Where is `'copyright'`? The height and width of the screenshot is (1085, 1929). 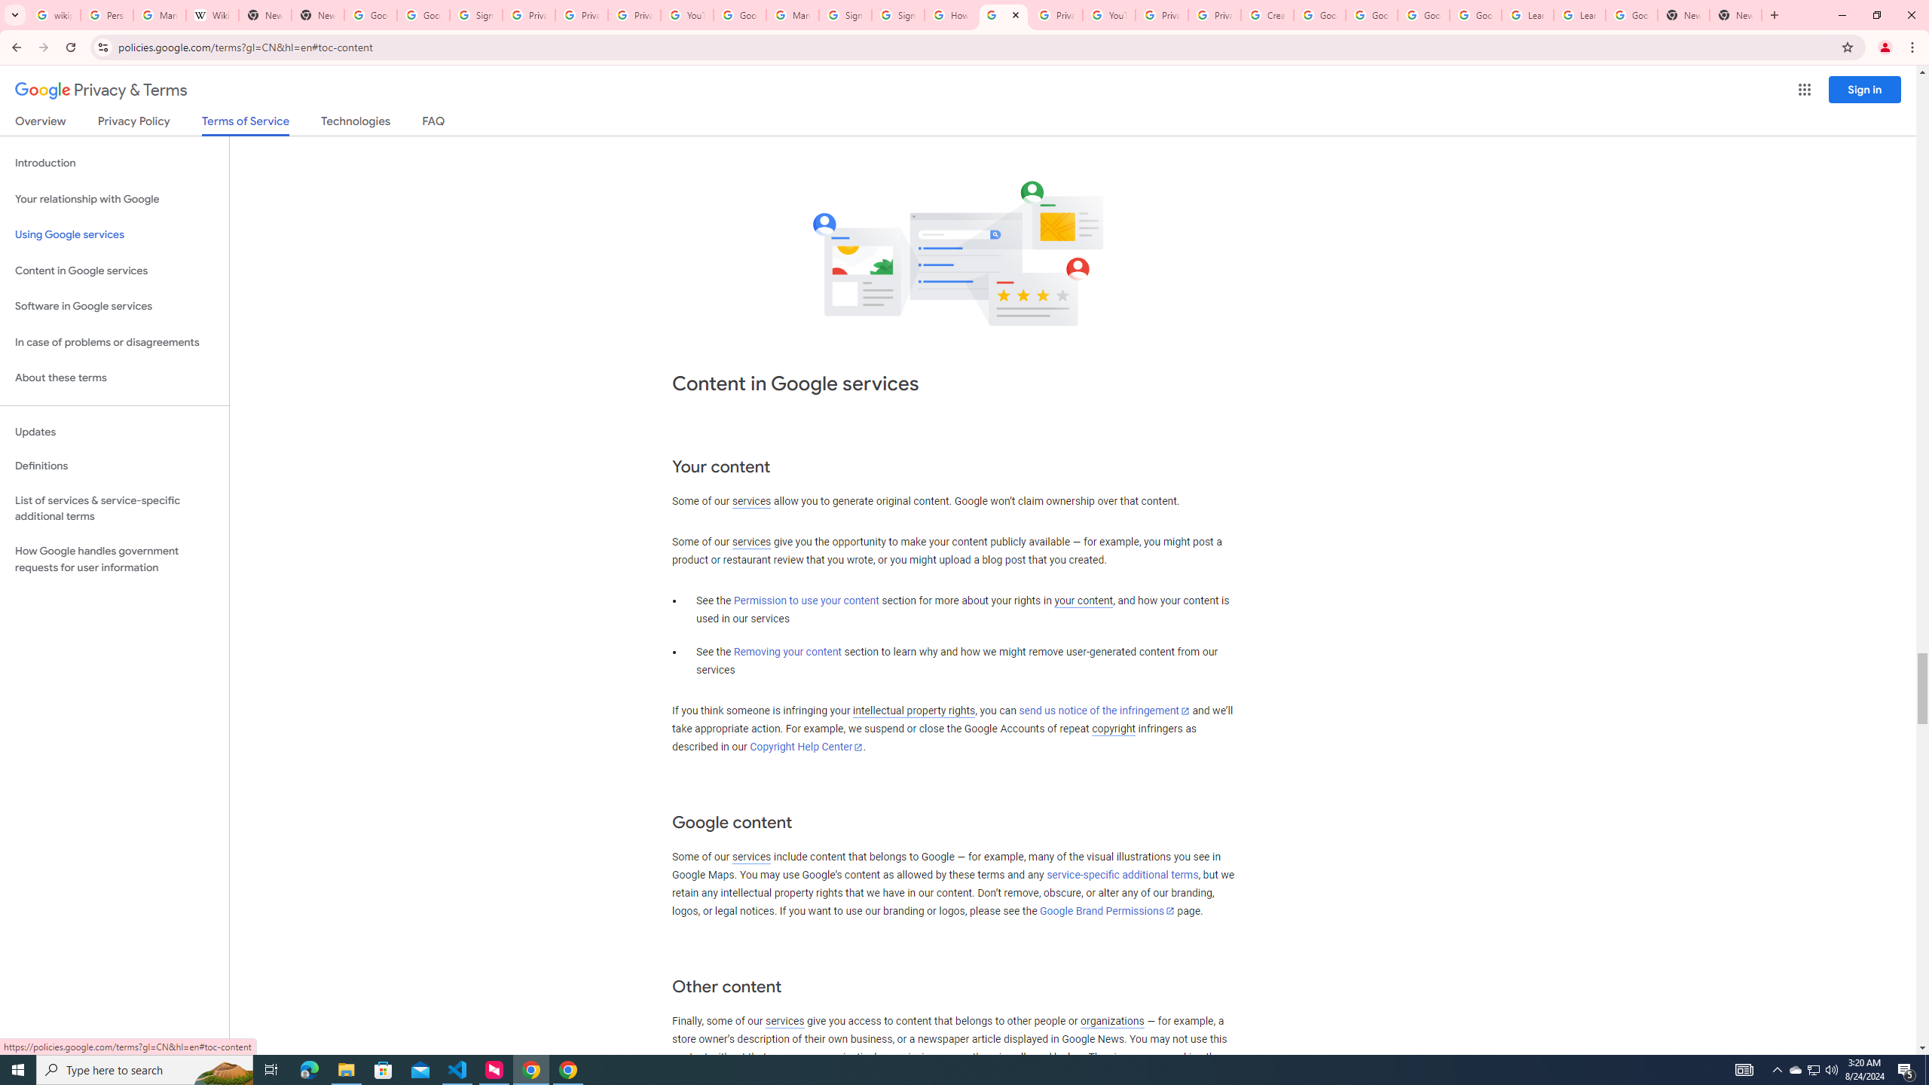
'copyright' is located at coordinates (1113, 729).